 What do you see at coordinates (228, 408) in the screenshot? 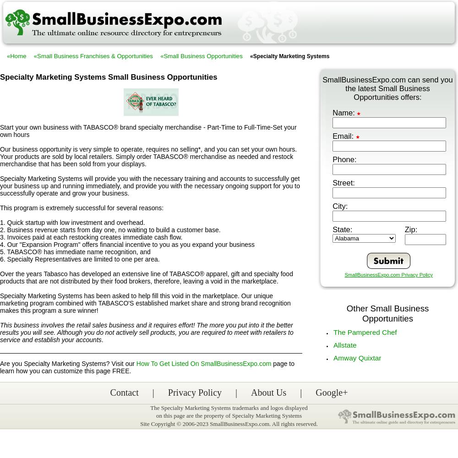
I see `'The Specialty Marketing Systems trademarks and logos displayed'` at bounding box center [228, 408].